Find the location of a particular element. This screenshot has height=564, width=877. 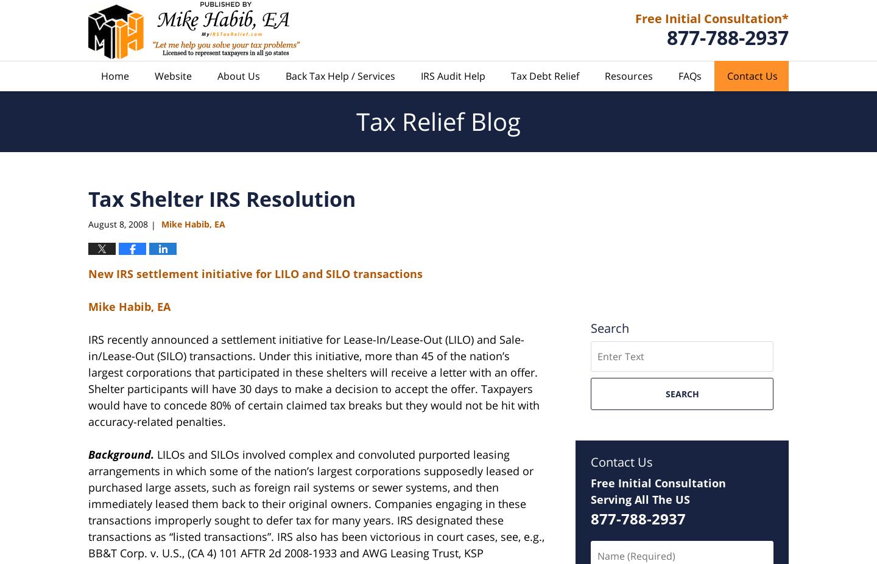

'Free Initial Consultation*' is located at coordinates (635, 17).